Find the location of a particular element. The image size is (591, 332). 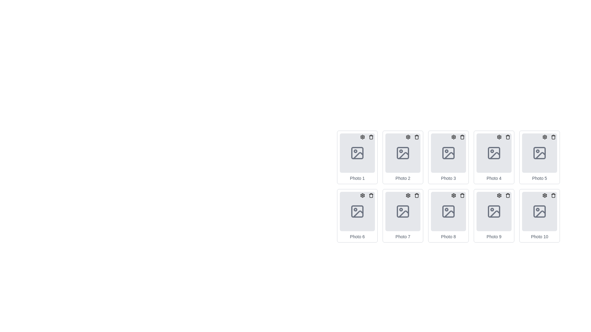

the delete button located at the top-right corner of the eighth photo box in the grid is located at coordinates (462, 196).